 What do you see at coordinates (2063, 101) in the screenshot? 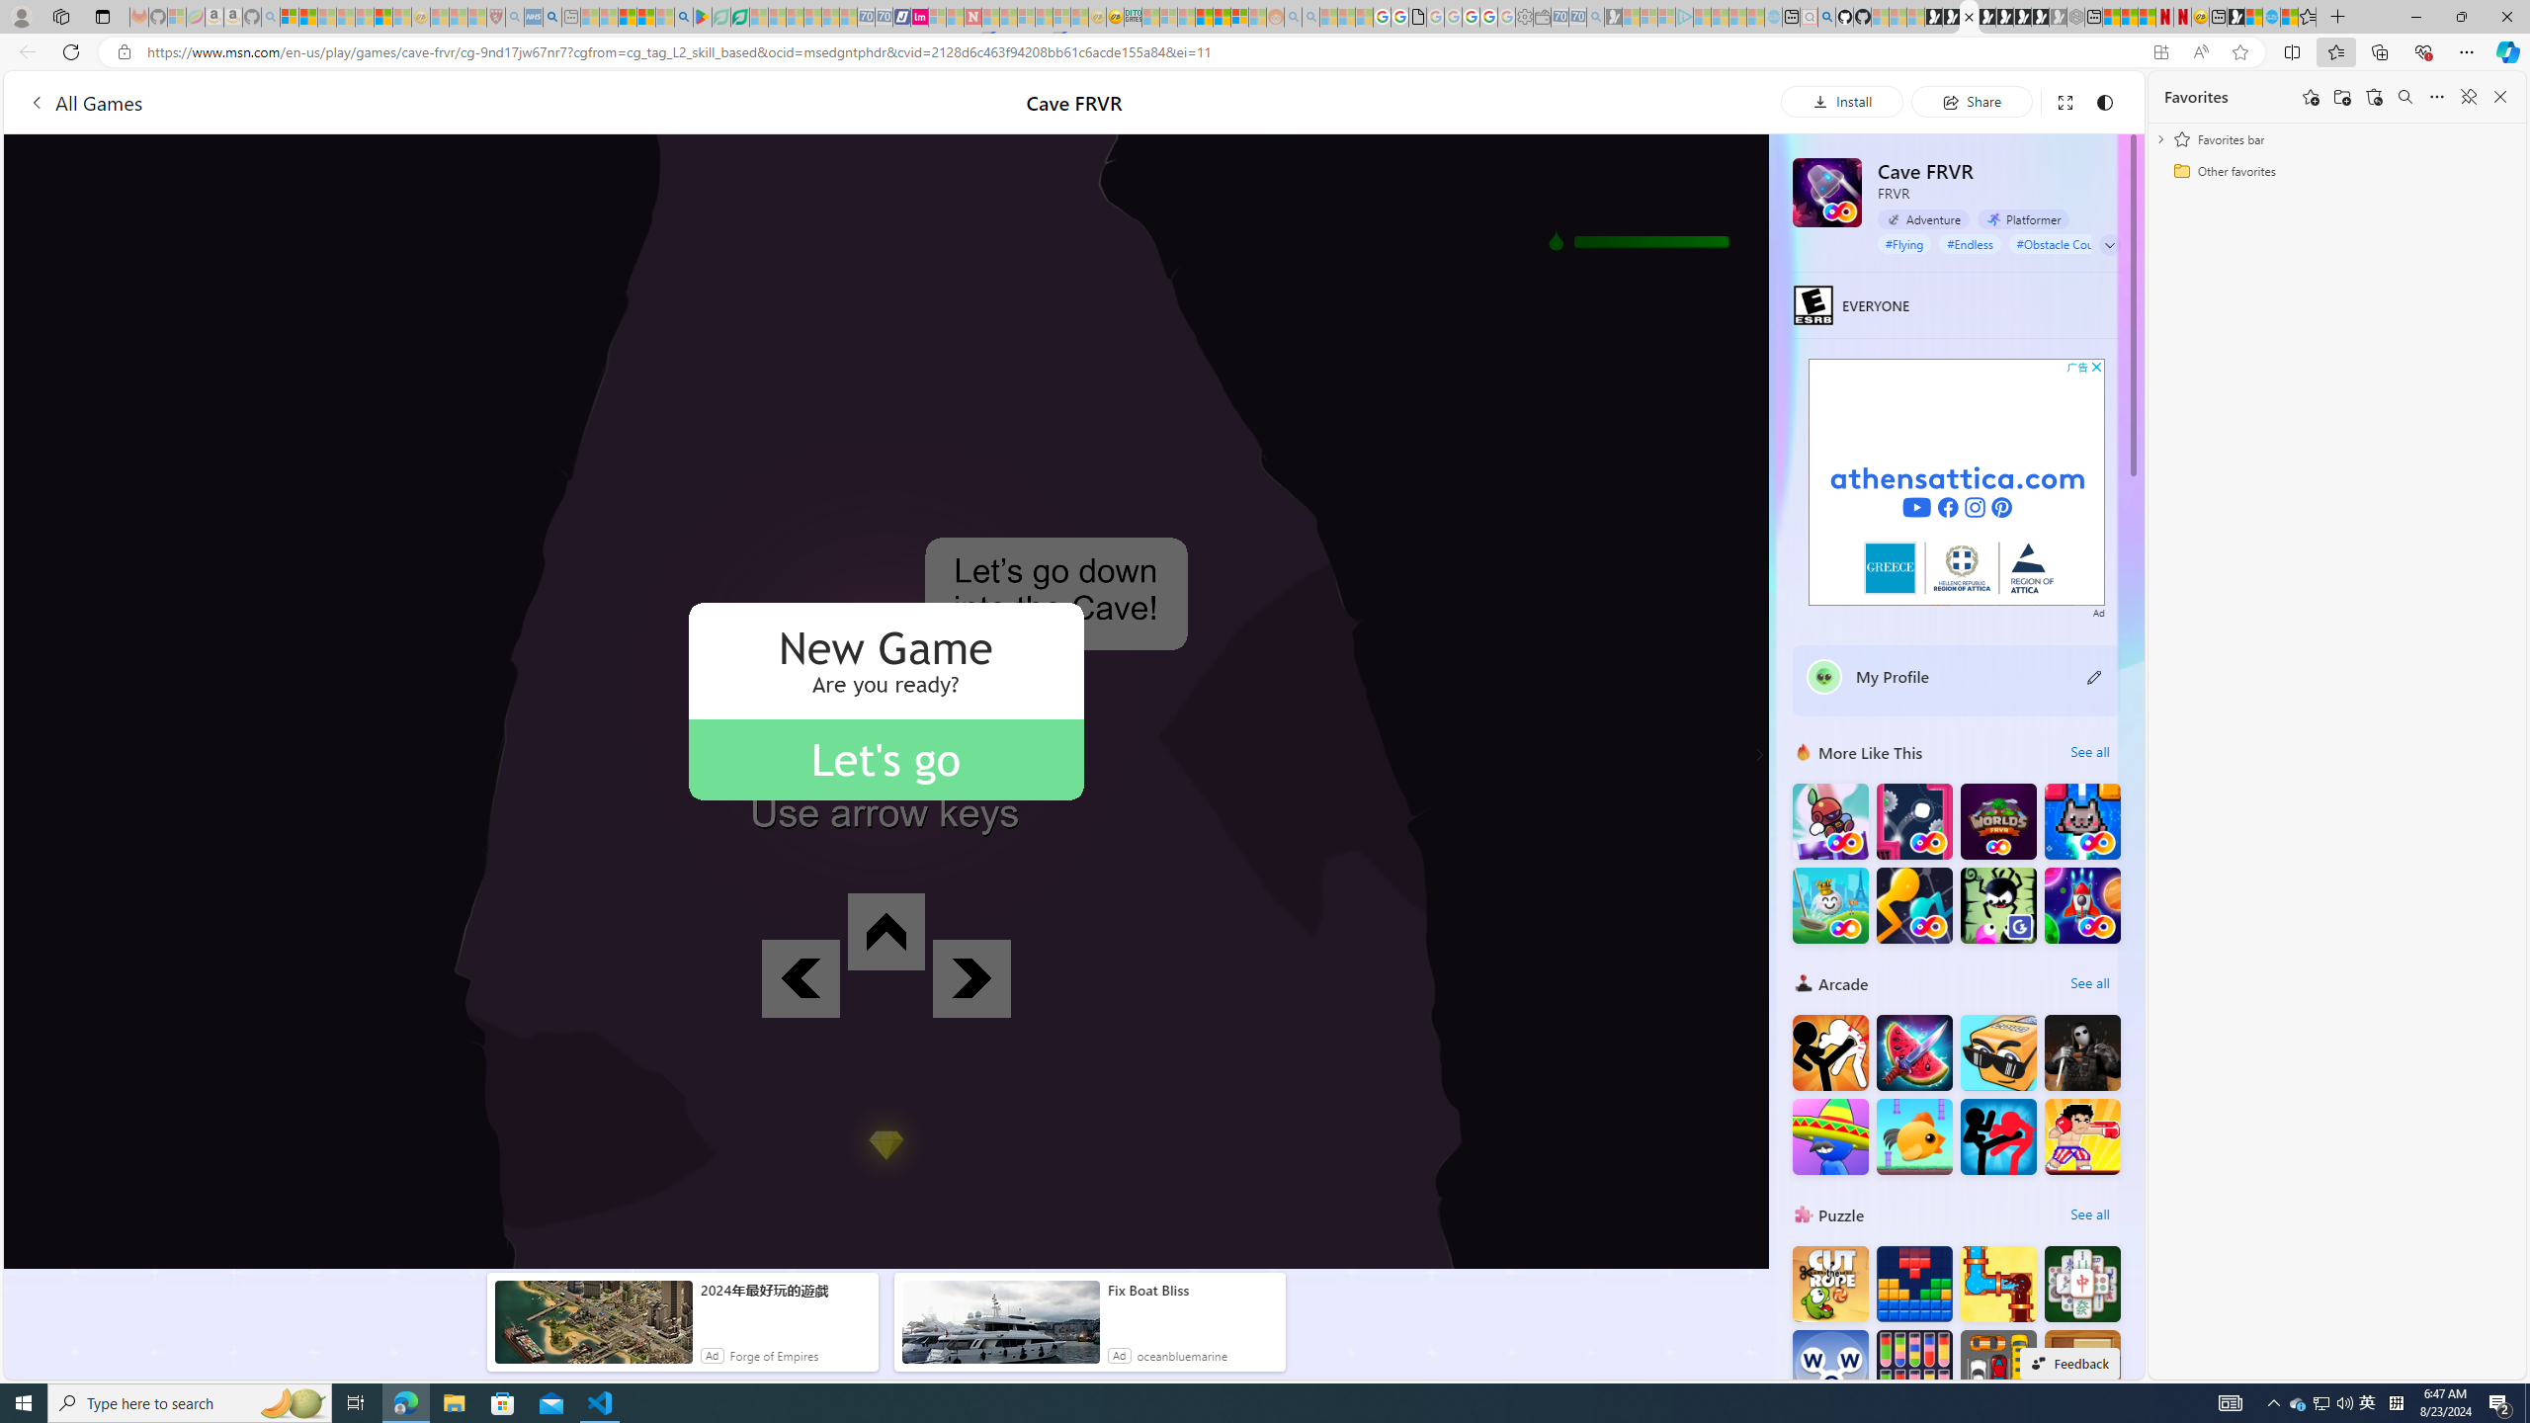
I see `'Full screen'` at bounding box center [2063, 101].